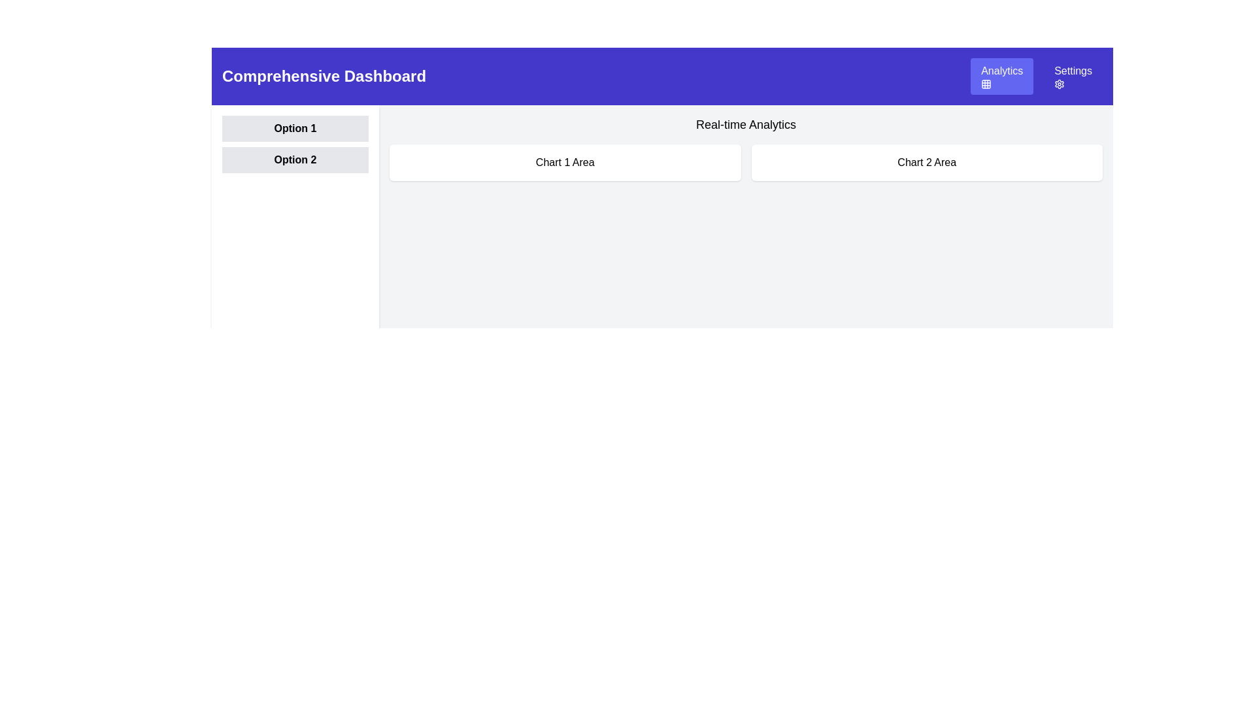 The height and width of the screenshot is (706, 1255). Describe the element at coordinates (324, 76) in the screenshot. I see `the text label displaying 'Comprehensive Dashboard' in bold white font against a dark blue background, located in the header section of the interface` at that location.